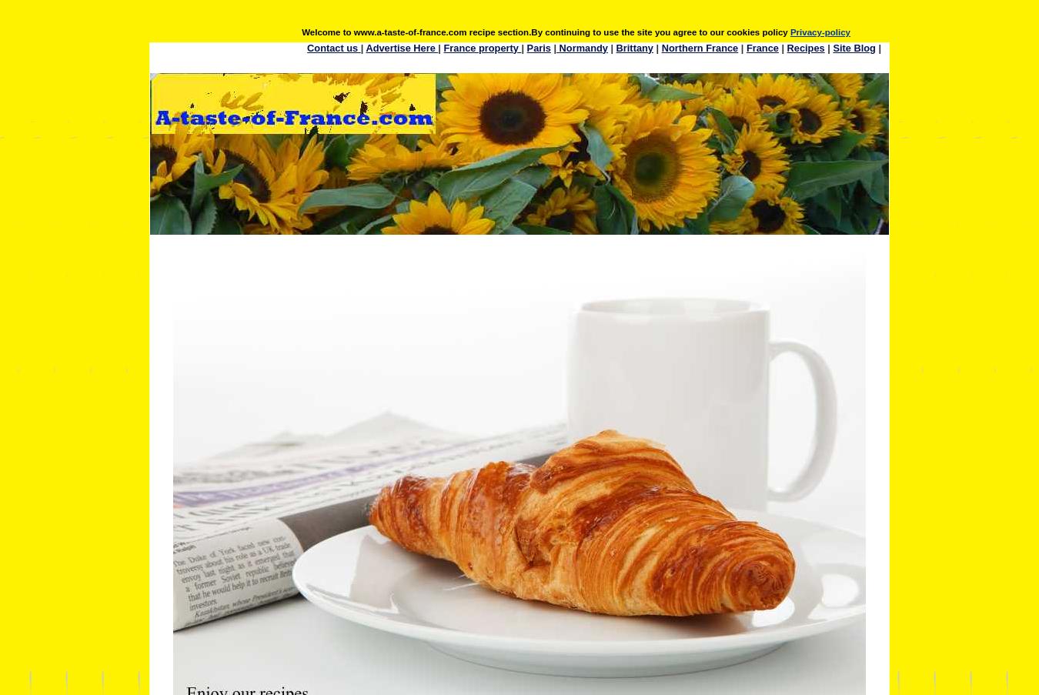 The height and width of the screenshot is (695, 1039). What do you see at coordinates (333, 46) in the screenshot?
I see `'Contact us'` at bounding box center [333, 46].